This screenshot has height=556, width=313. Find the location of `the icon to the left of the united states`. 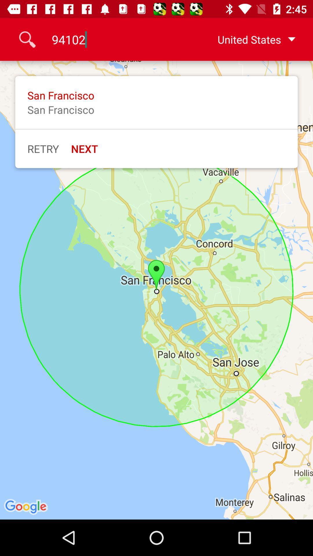

the icon to the left of the united states is located at coordinates (118, 39).